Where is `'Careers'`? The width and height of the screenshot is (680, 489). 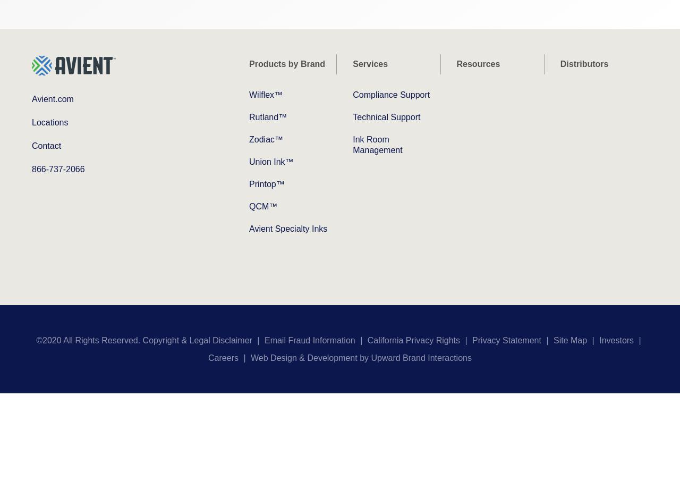 'Careers' is located at coordinates (222, 357).